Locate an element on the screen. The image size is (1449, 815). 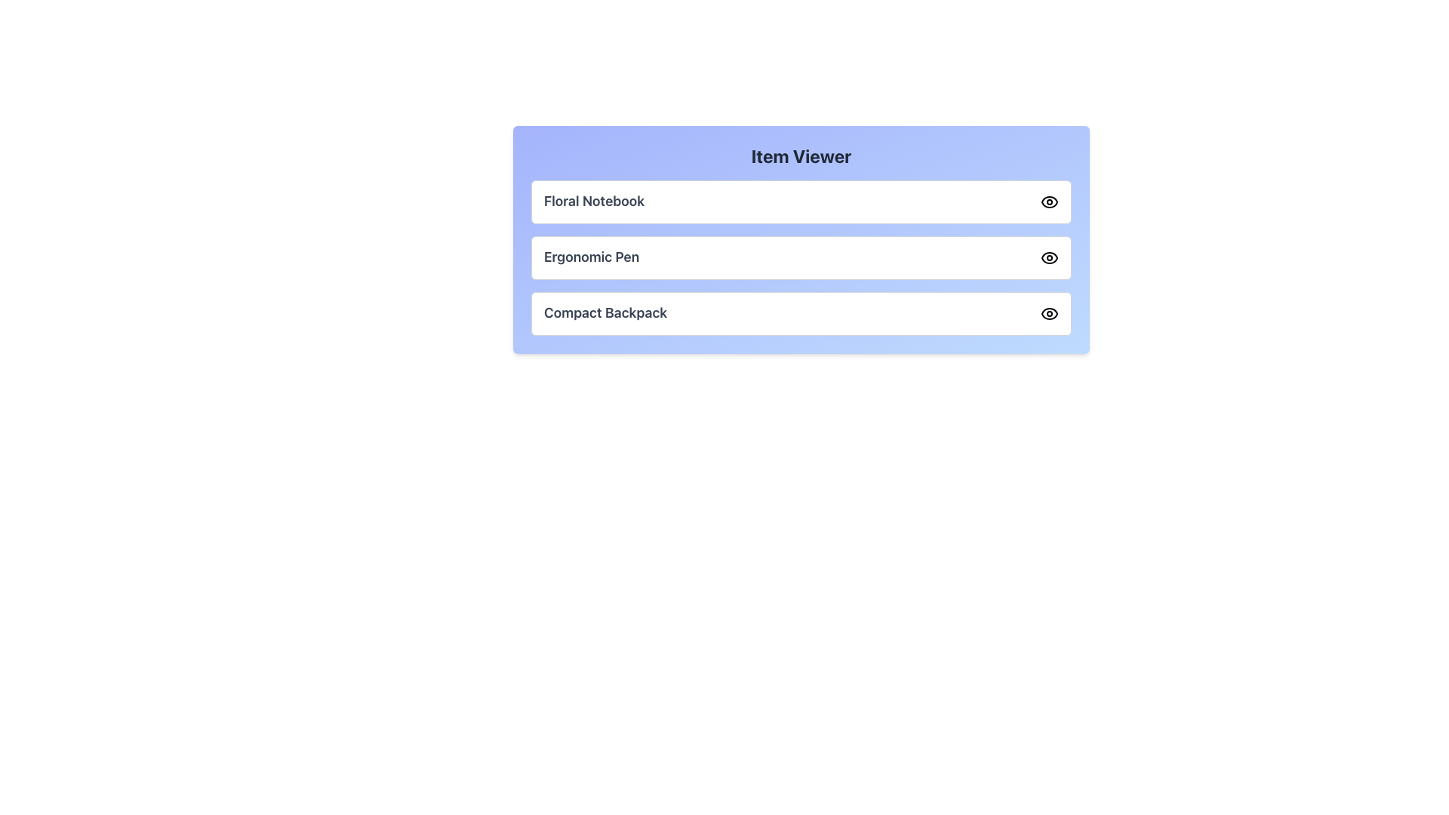
the button at the right end of the row labeled 'Ergonomic Pen' is located at coordinates (1049, 257).